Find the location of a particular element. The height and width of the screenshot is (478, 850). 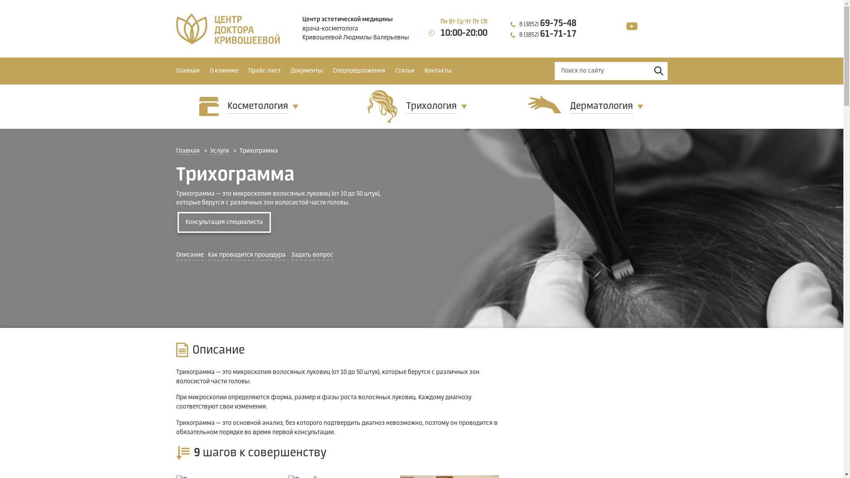

'8 (3852) 69-75-48' is located at coordinates (547, 23).